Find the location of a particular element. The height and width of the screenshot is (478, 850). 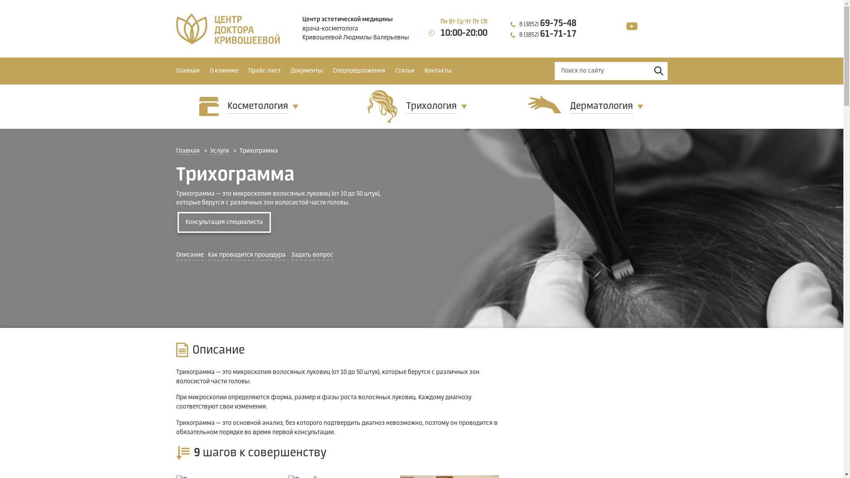

'8 (3852) 69-75-48' is located at coordinates (547, 23).